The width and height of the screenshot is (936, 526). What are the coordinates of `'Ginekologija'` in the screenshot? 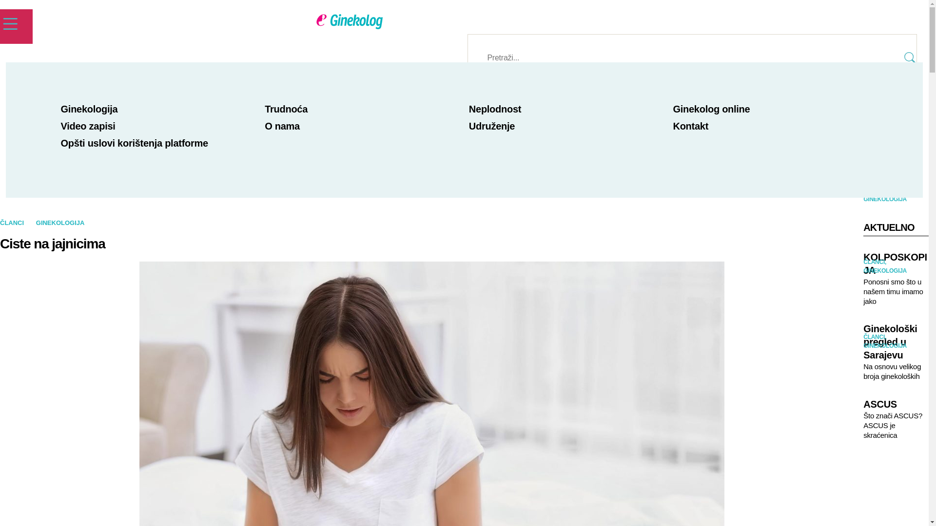 It's located at (89, 109).